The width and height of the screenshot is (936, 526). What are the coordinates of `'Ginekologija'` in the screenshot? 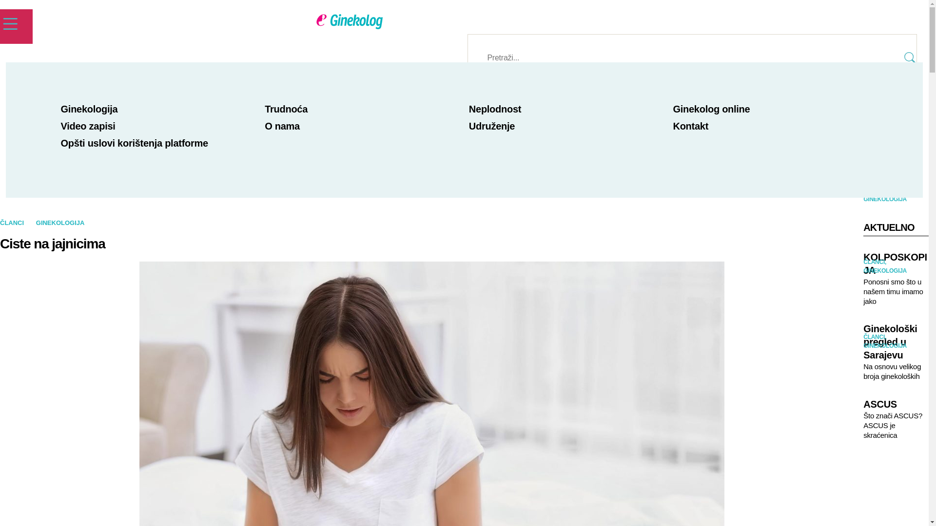 It's located at (89, 109).